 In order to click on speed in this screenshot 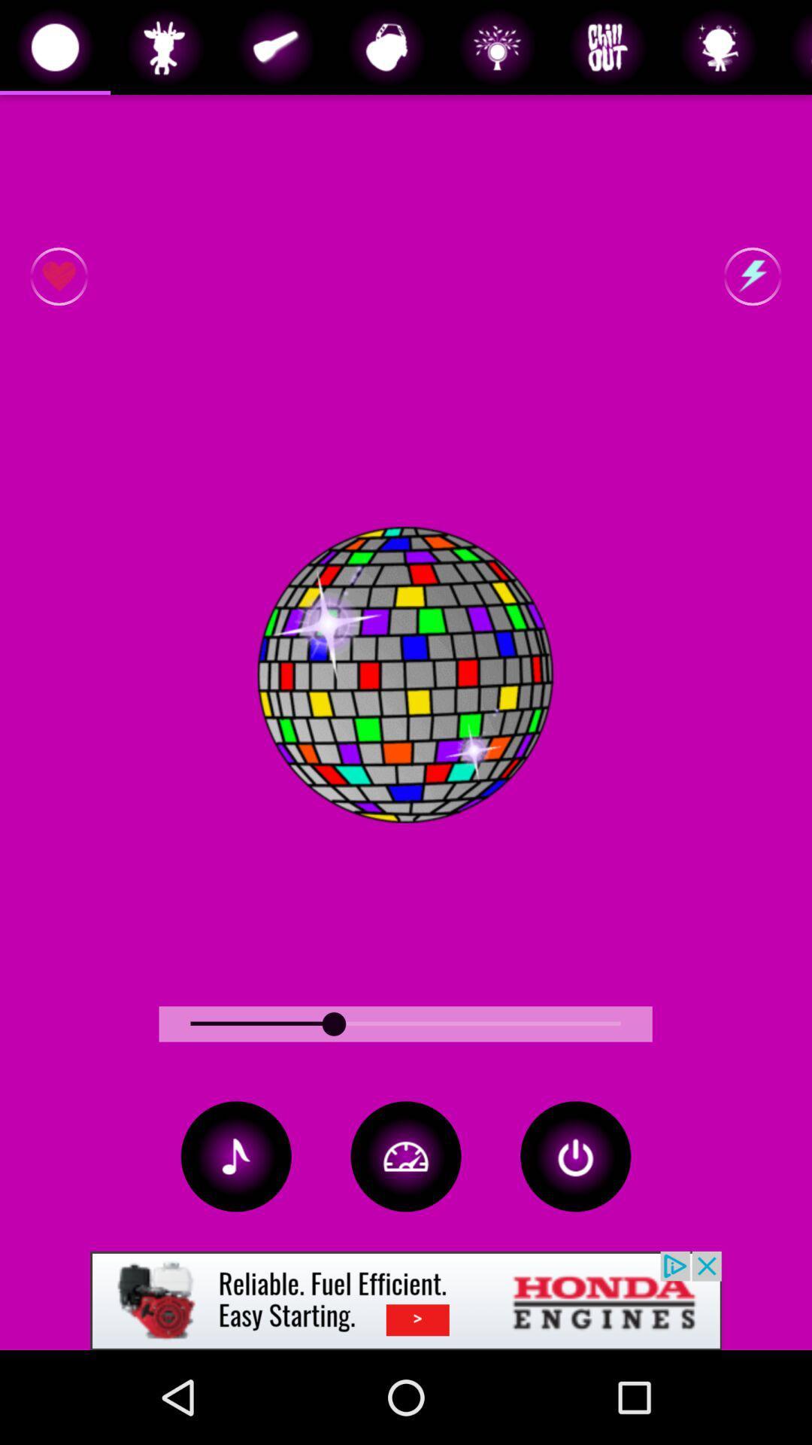, I will do `click(406, 1155)`.